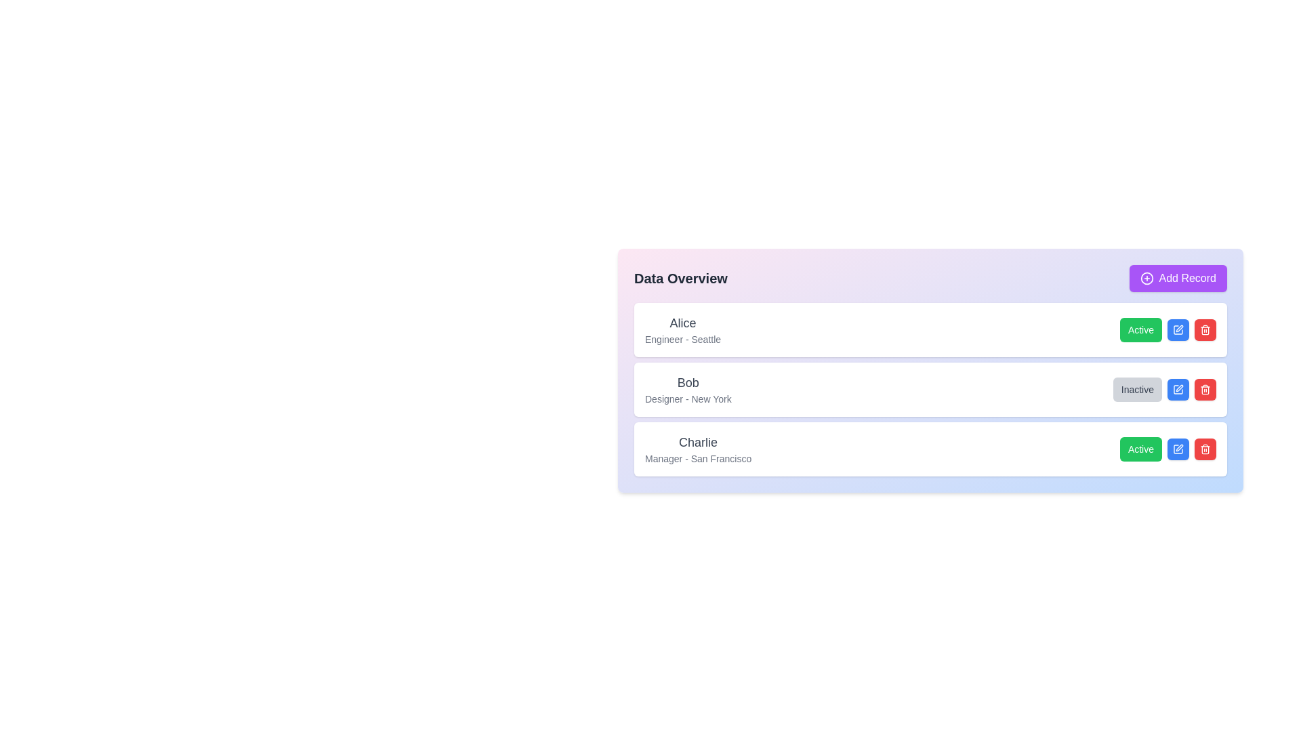 The height and width of the screenshot is (732, 1301). Describe the element at coordinates (1177, 449) in the screenshot. I see `the edit icon located at the center of the third row, which is embedded within a blue button to the right of the 'Active' status label` at that location.